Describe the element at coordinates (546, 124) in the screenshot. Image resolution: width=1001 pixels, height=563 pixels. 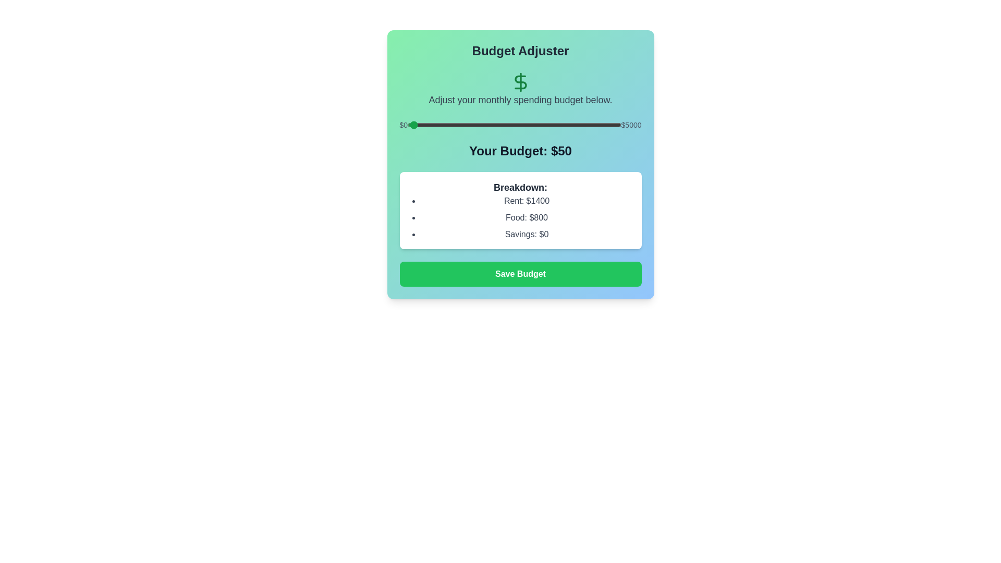
I see `the budget to 3252 dollars by adjusting the slider` at that location.